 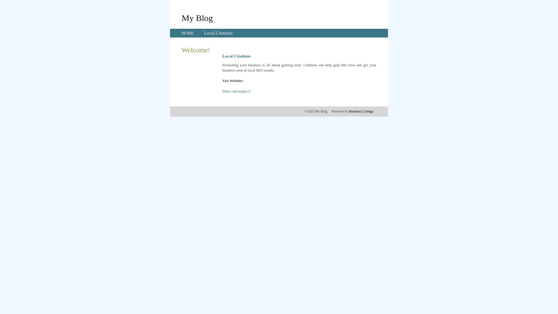 I want to click on 'My Blog', so click(x=197, y=17).